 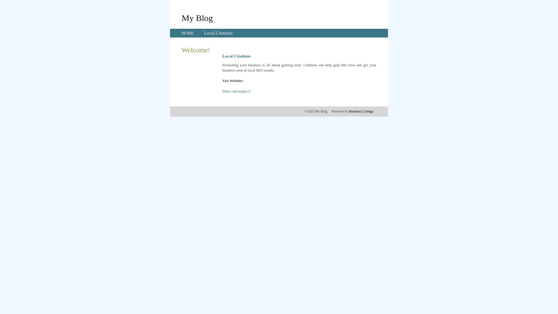 I want to click on 'My Blog', so click(x=197, y=17).